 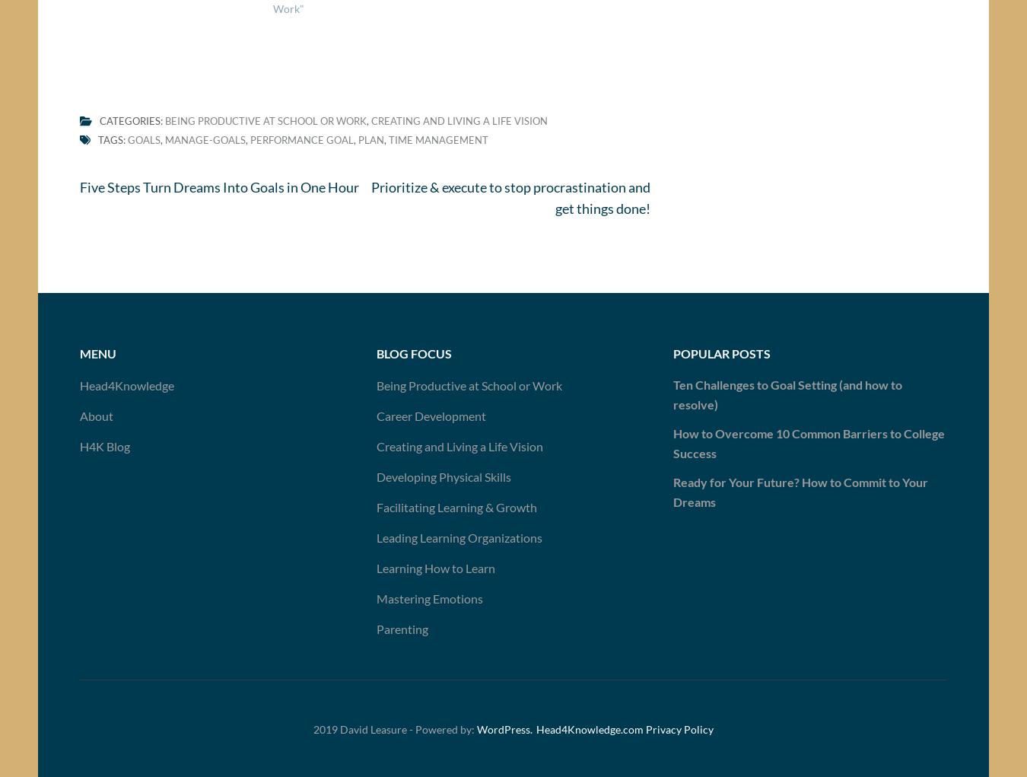 I want to click on '2019 David Leasure -', so click(x=363, y=734).